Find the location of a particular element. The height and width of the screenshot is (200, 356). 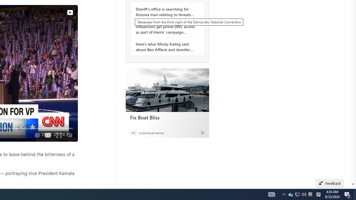

'Unmute' is located at coordinates (69, 135).